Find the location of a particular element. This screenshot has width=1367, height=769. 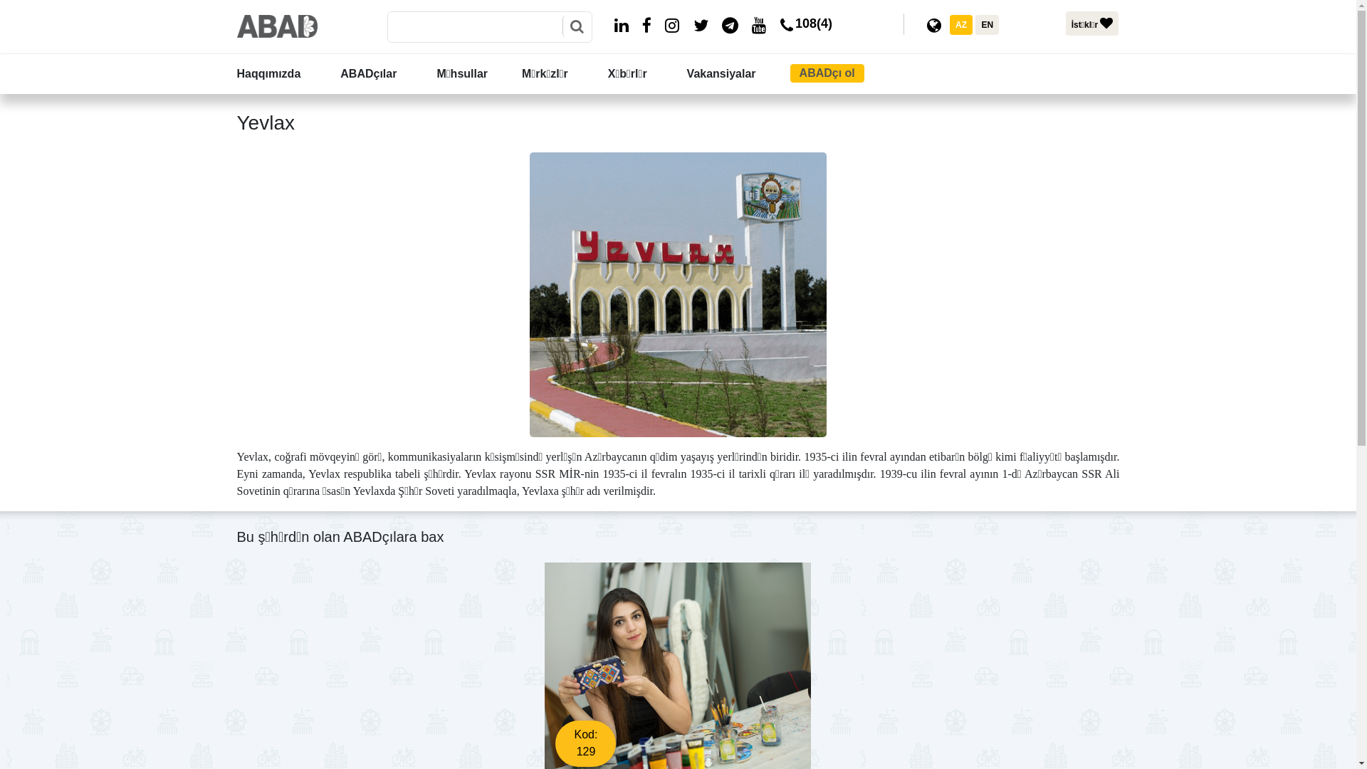

'EN' is located at coordinates (974, 24).